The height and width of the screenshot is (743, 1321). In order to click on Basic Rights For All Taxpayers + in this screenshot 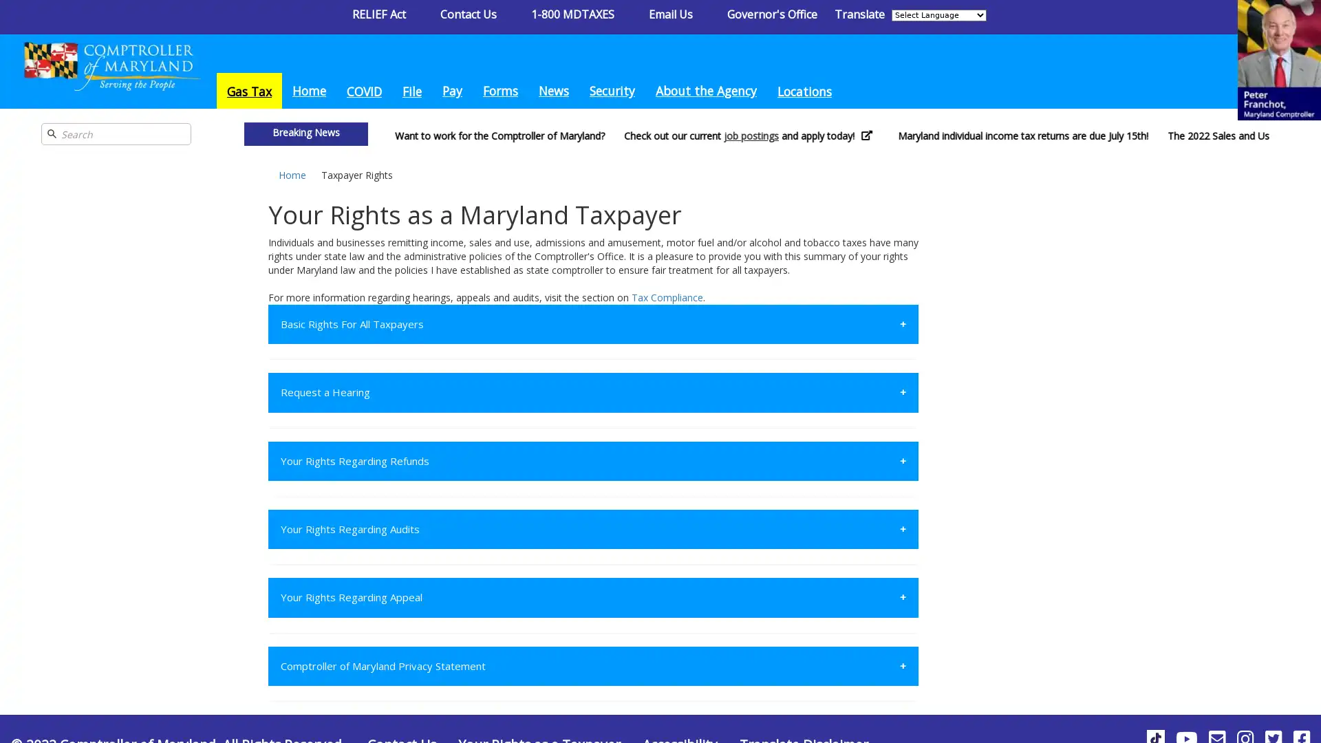, I will do `click(593, 323)`.